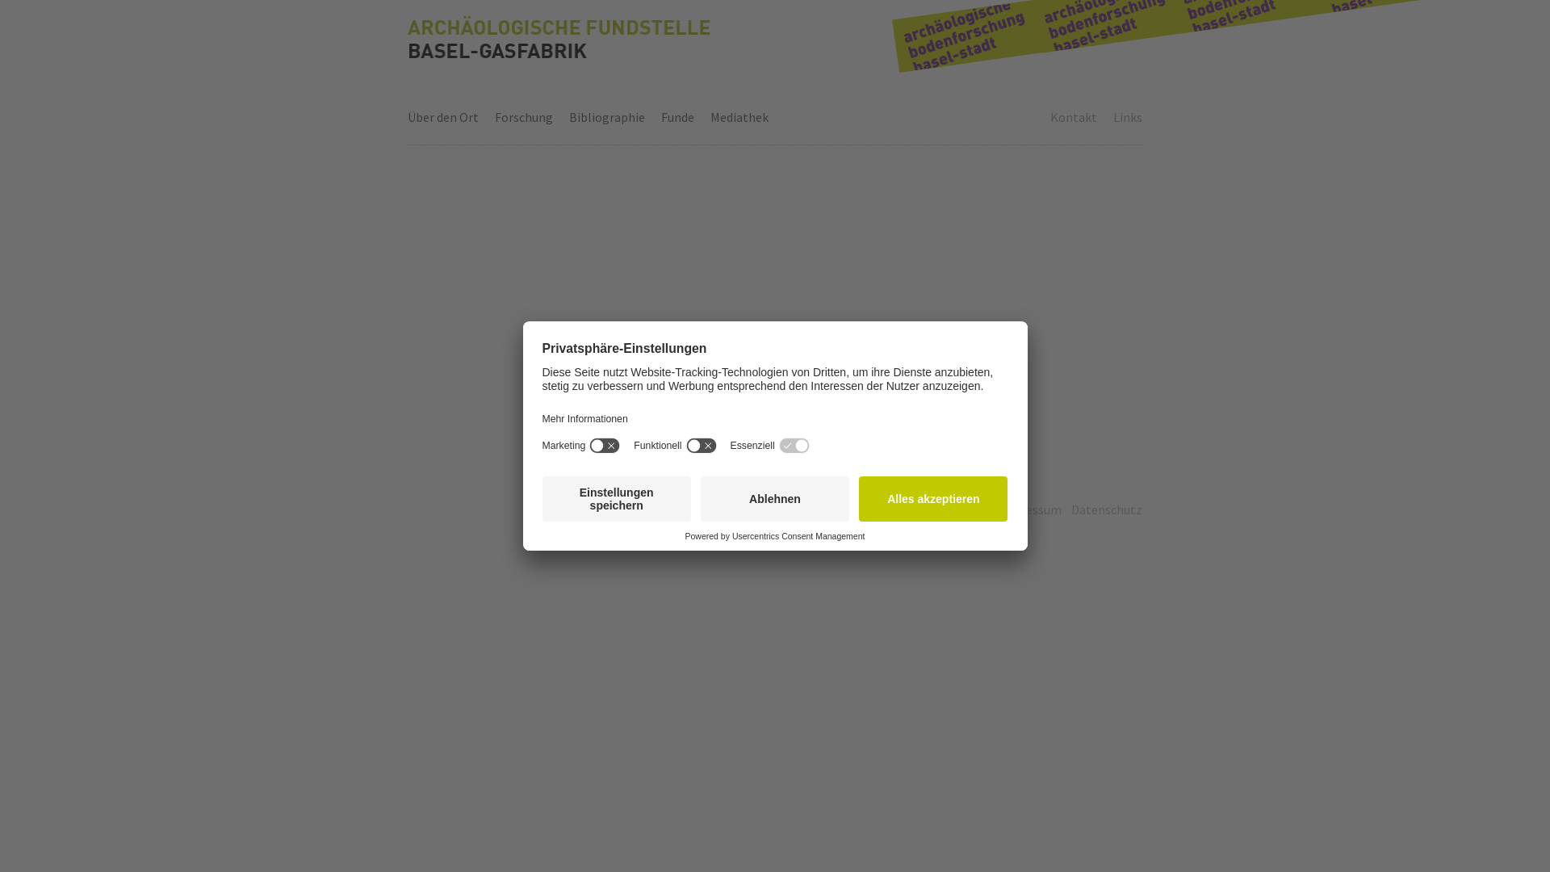 The image size is (1550, 872). Describe the element at coordinates (523, 116) in the screenshot. I see `'Forschung'` at that location.